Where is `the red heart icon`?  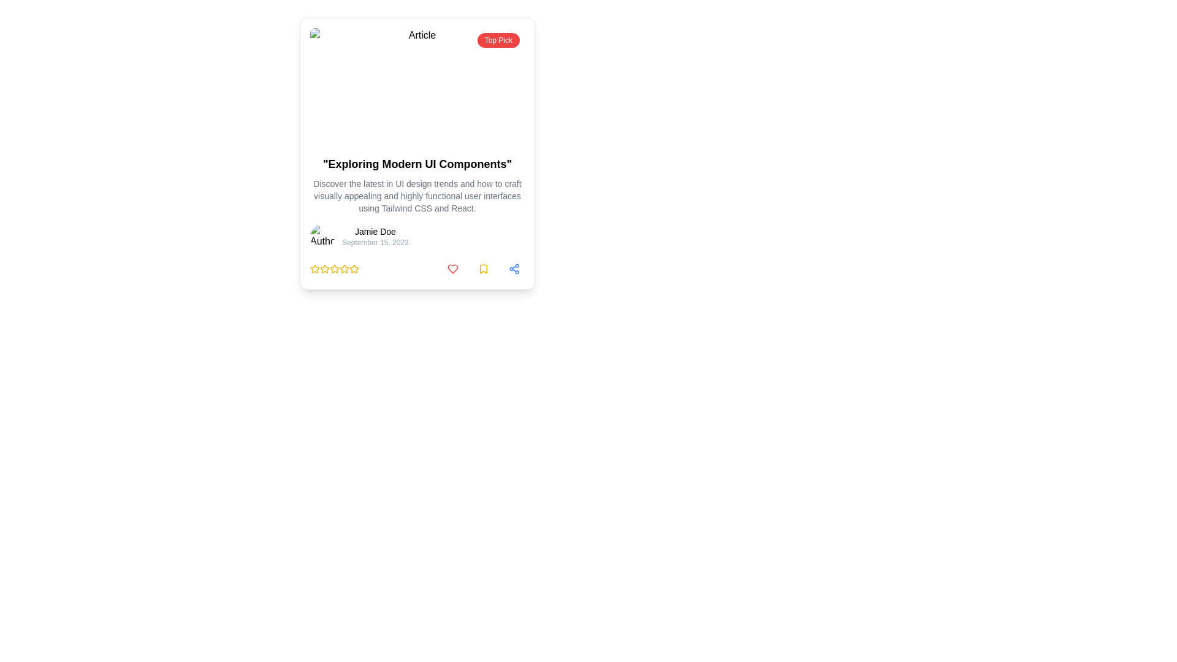 the red heart icon is located at coordinates (452, 268).